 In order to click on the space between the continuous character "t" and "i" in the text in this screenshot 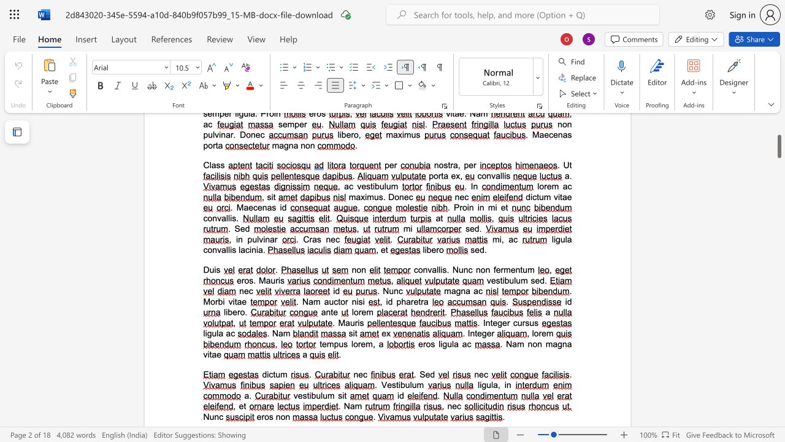, I will do `click(398, 384)`.